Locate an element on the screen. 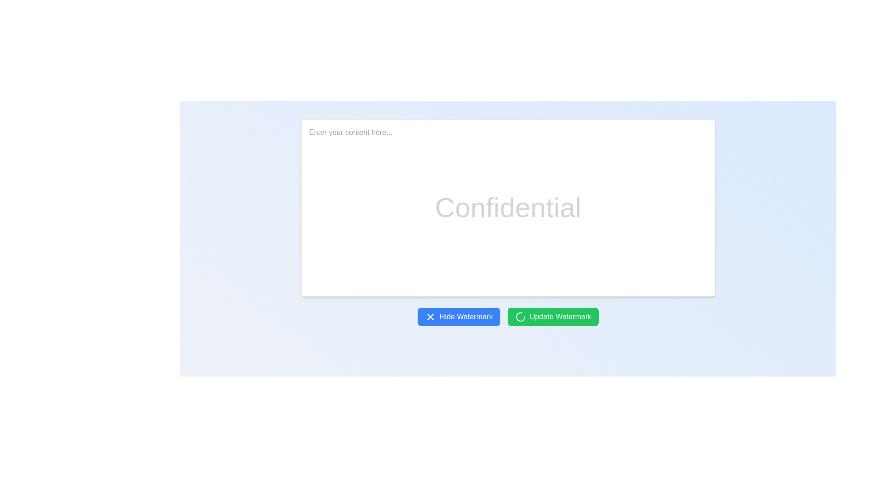 Image resolution: width=887 pixels, height=499 pixels. the close icon styled with the 'lucide-x' class located at the top-right corner of the modal to observe any visual effects is located at coordinates (430, 316).